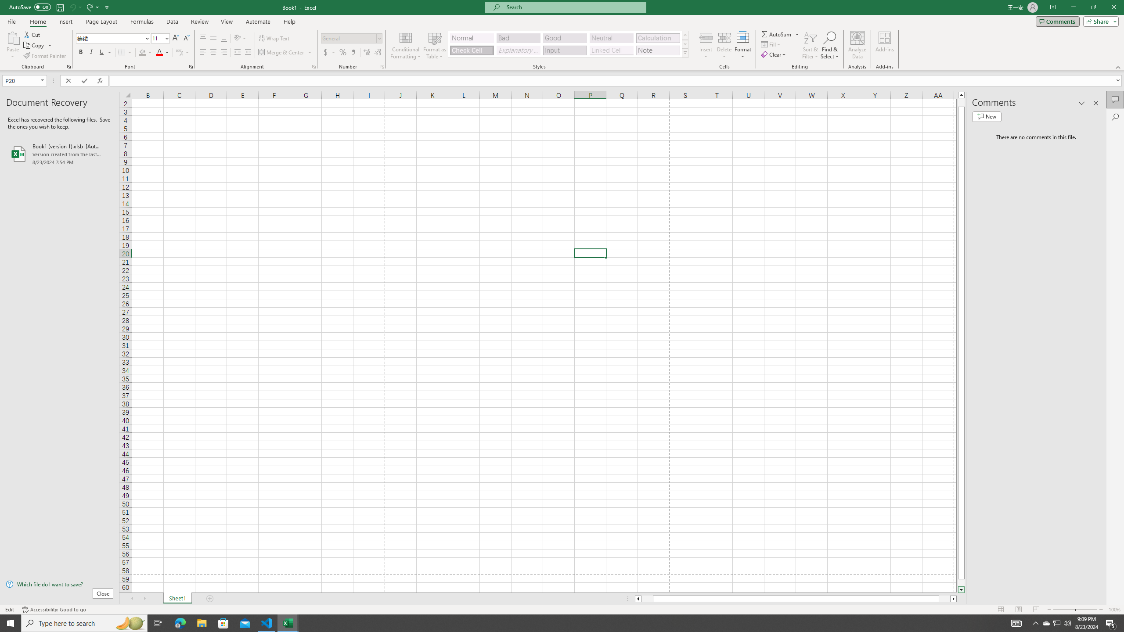 This screenshot has width=1124, height=632. Describe the element at coordinates (45, 56) in the screenshot. I see `'Format Painter'` at that location.